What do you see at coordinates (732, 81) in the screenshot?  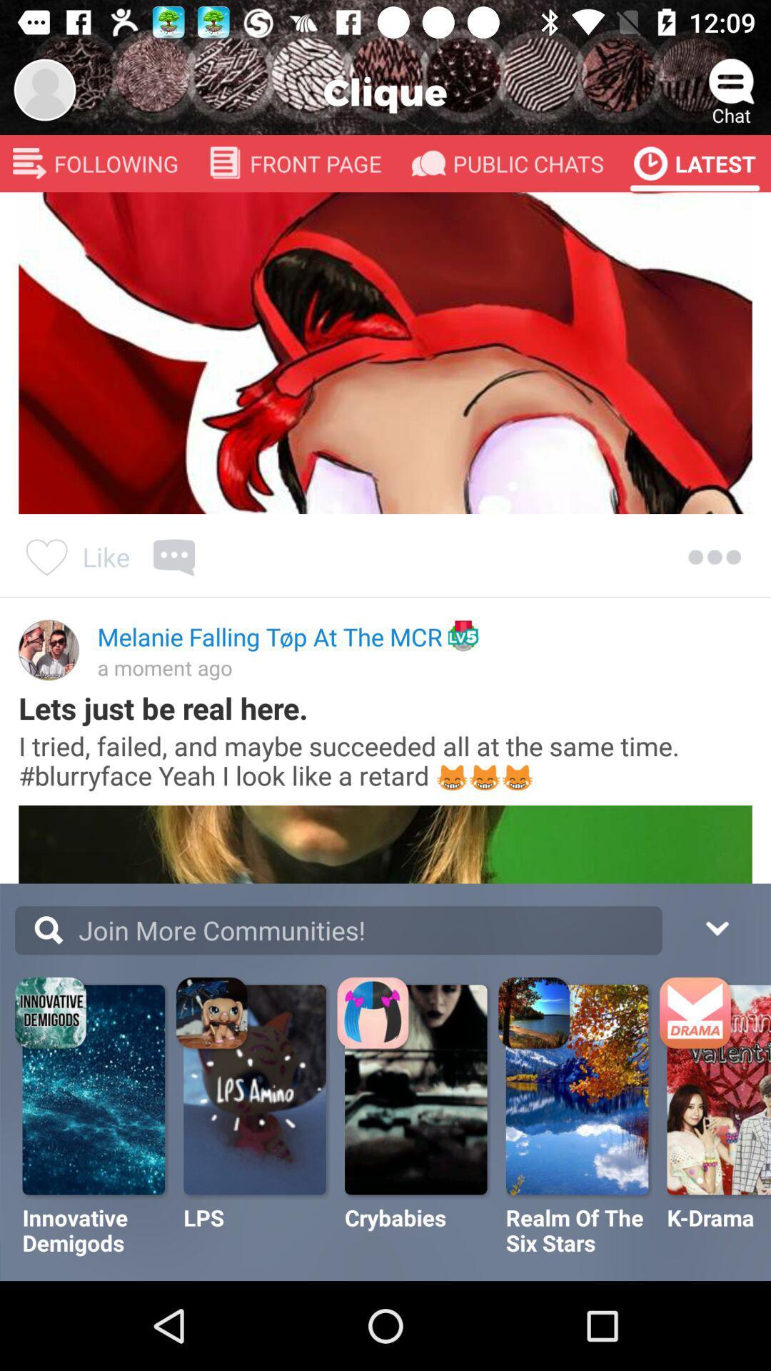 I see `the chat icon to the top right corner` at bounding box center [732, 81].